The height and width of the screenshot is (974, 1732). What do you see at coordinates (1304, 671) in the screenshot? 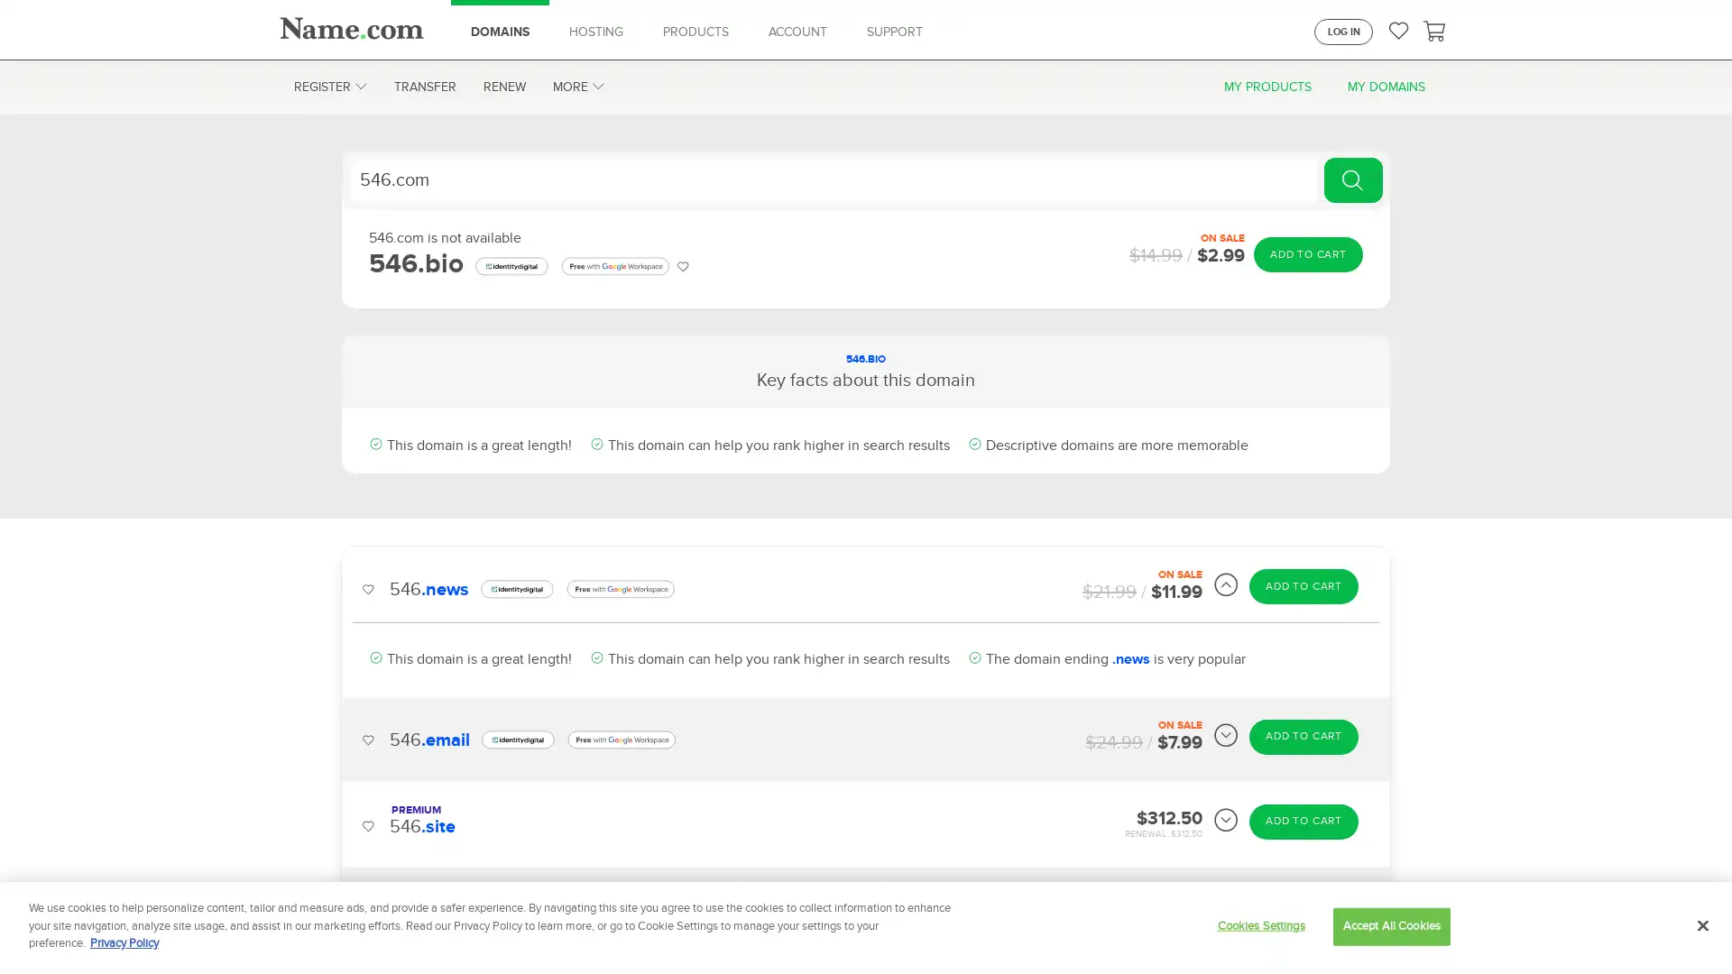
I see `ADD TO CART` at bounding box center [1304, 671].